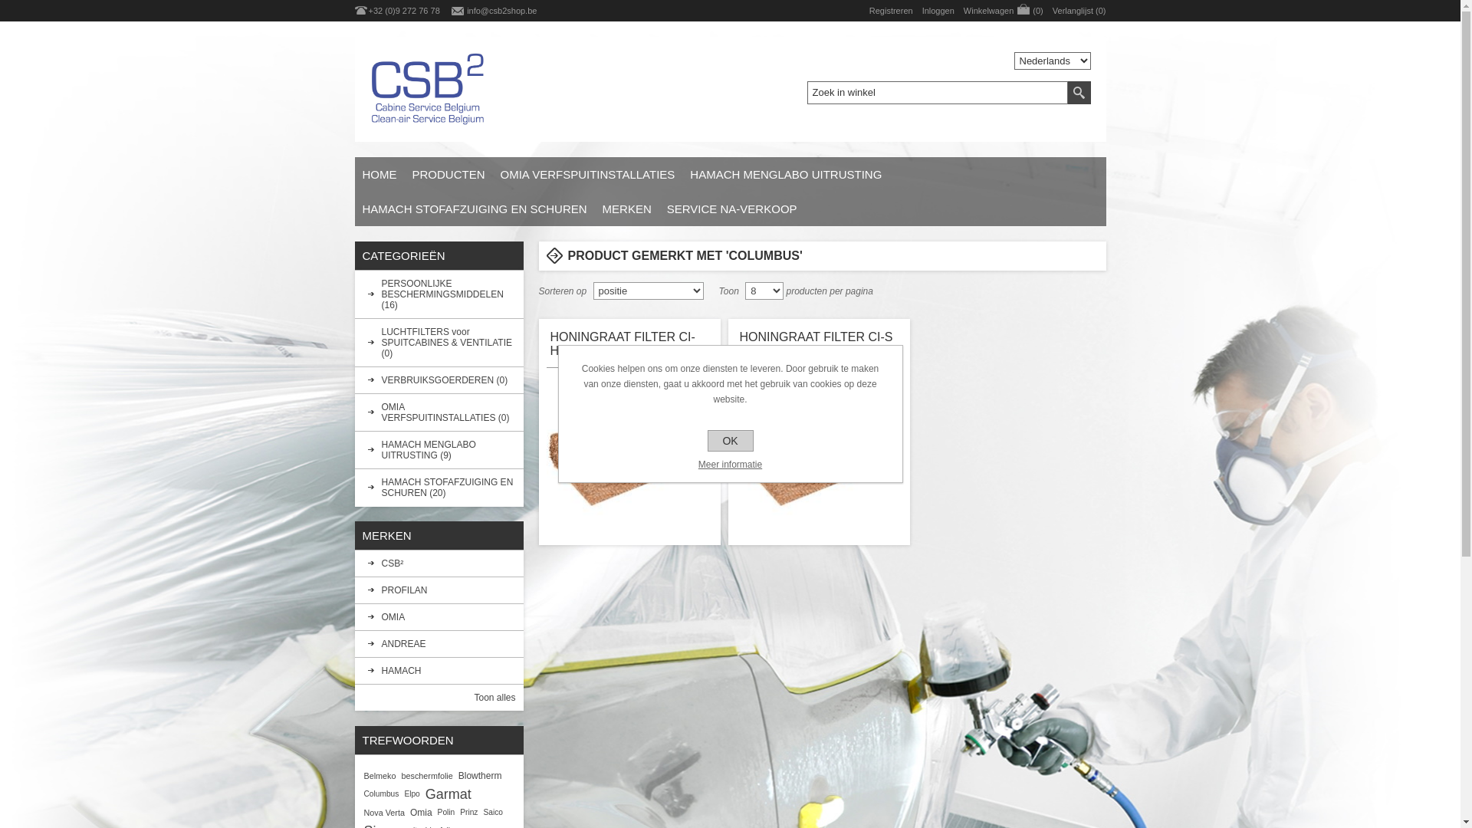  What do you see at coordinates (659, 209) in the screenshot?
I see `'SERVICE NA-VERKOOP'` at bounding box center [659, 209].